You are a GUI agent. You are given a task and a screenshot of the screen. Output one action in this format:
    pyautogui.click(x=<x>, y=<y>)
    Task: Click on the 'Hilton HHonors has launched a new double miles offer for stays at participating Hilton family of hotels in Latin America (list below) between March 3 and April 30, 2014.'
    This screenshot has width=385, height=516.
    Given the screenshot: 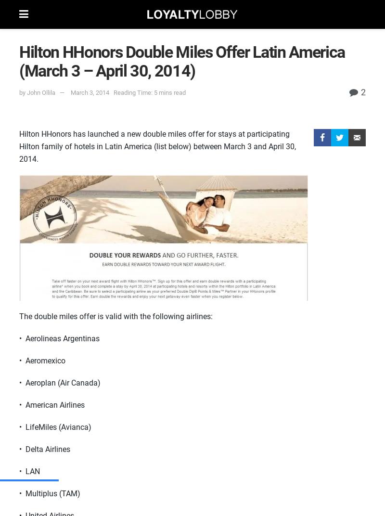 What is the action you would take?
    pyautogui.click(x=157, y=146)
    